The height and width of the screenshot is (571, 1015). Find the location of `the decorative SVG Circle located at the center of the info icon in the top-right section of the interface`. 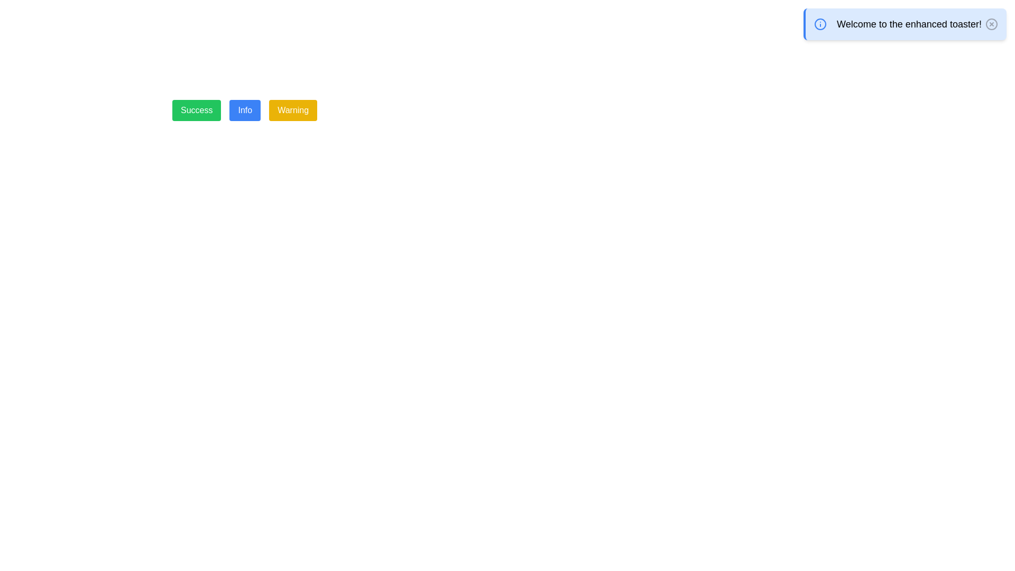

the decorative SVG Circle located at the center of the info icon in the top-right section of the interface is located at coordinates (819, 24).